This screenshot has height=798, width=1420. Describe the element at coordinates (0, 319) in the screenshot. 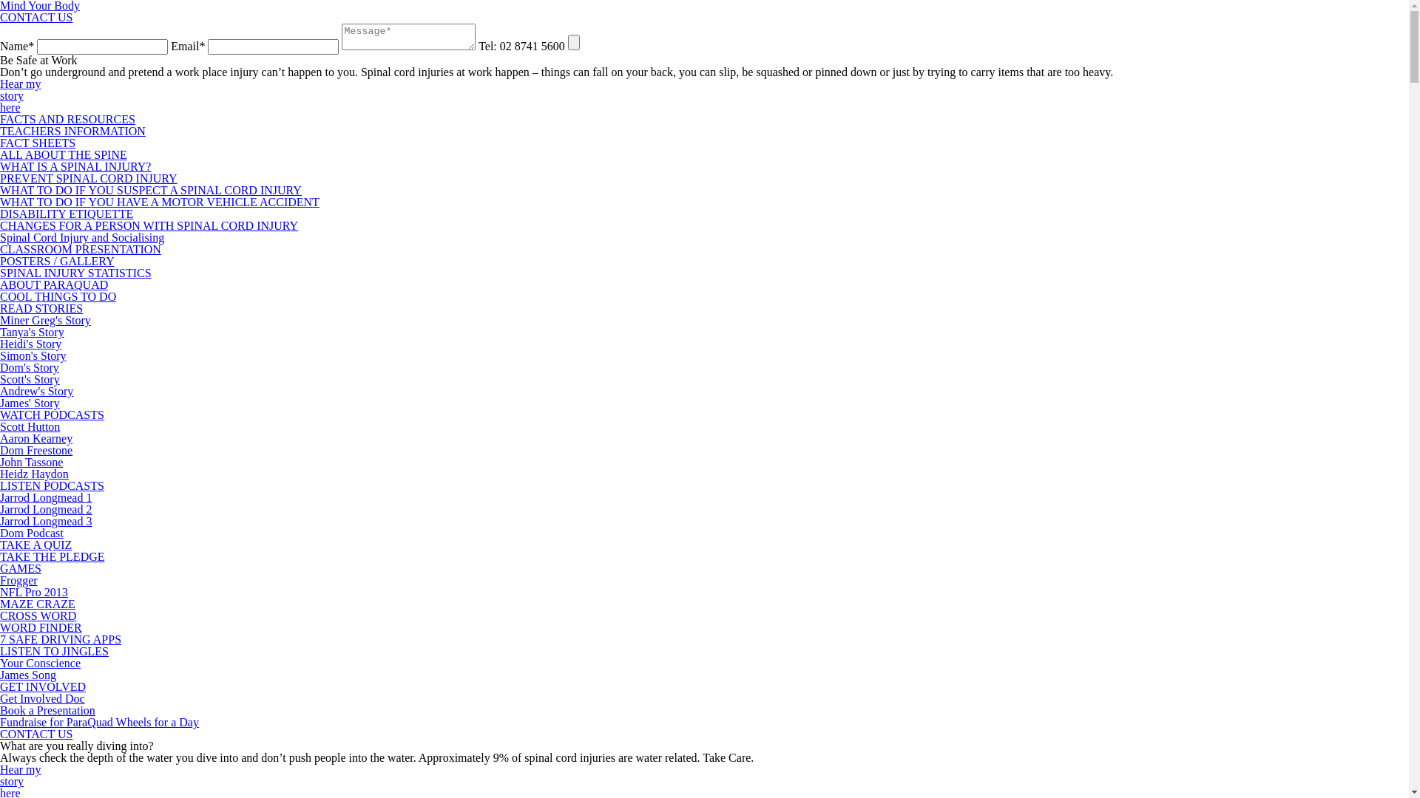

I see `'Miner Greg's Story'` at that location.